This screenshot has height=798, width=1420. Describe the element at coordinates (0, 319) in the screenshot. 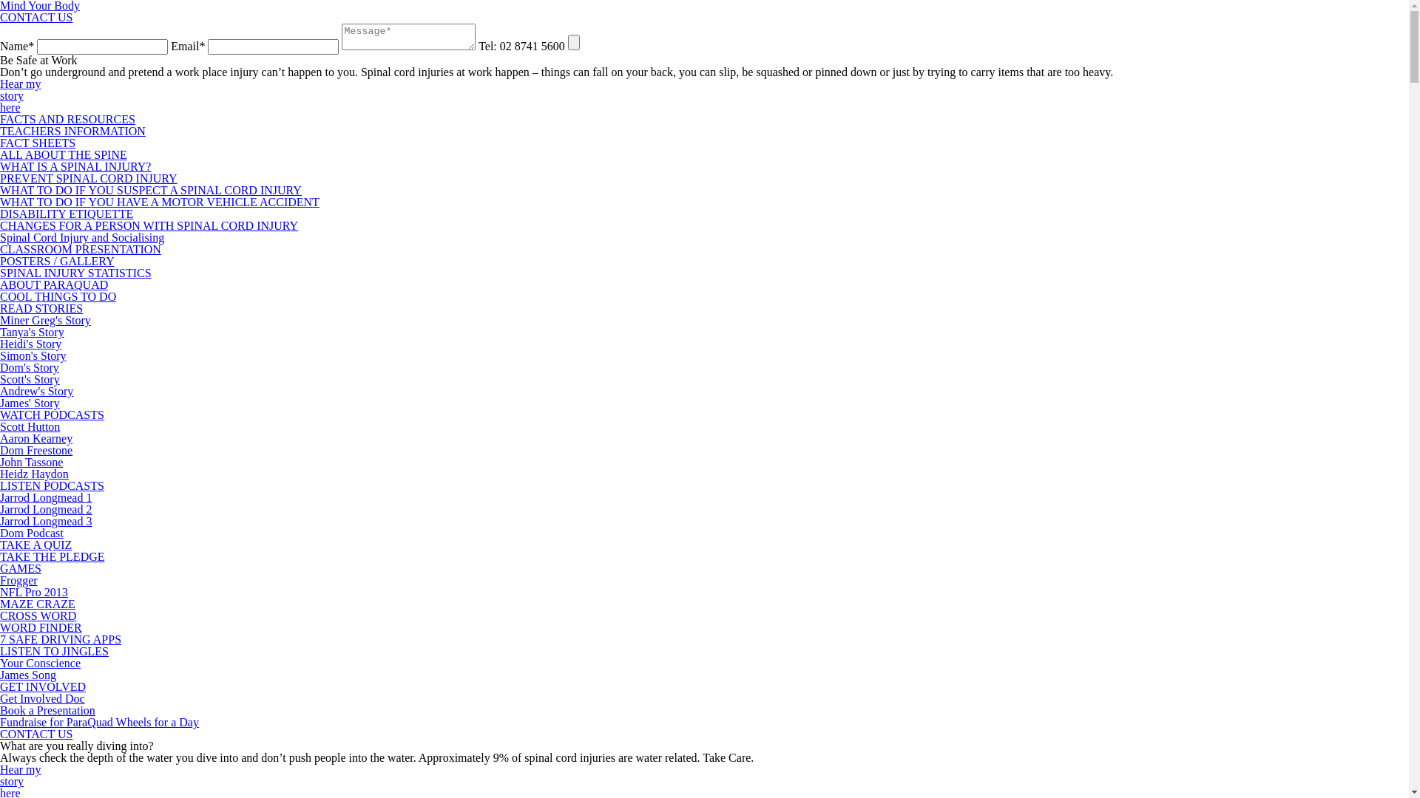

I see `'Miner Greg's Story'` at that location.